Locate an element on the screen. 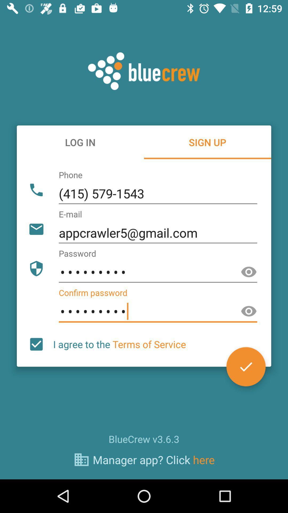  the icon below crowd3116 item is located at coordinates (119, 344).